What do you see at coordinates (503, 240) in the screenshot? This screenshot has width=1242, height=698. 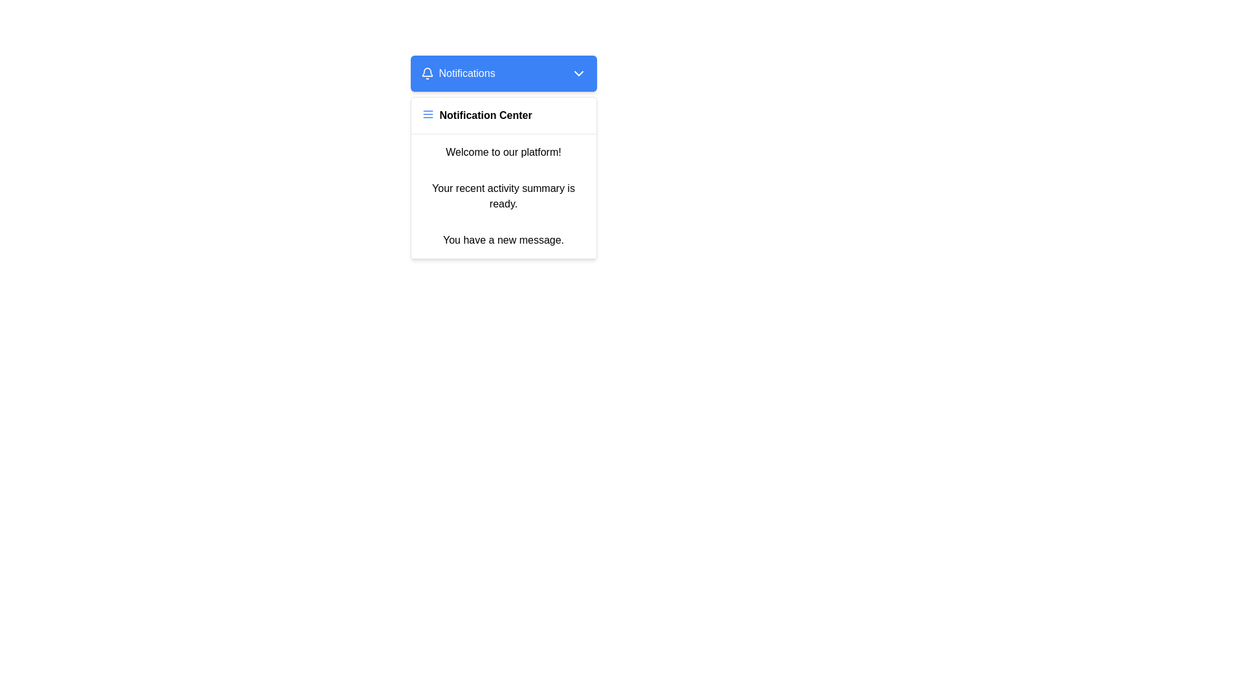 I see `the text block that displays the notification message 'You have a new message.' which is styled with padding and has a hover effect that changes the background color to gray` at bounding box center [503, 240].